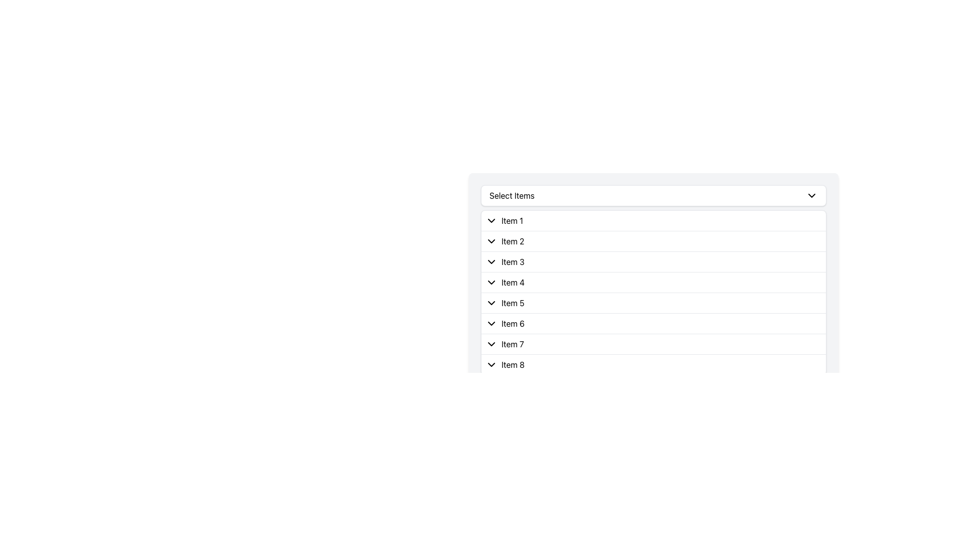  Describe the element at coordinates (513, 261) in the screenshot. I see `the text label 'Item 3' which is the third item in a vertically aligned list titled 'Select Items'` at that location.